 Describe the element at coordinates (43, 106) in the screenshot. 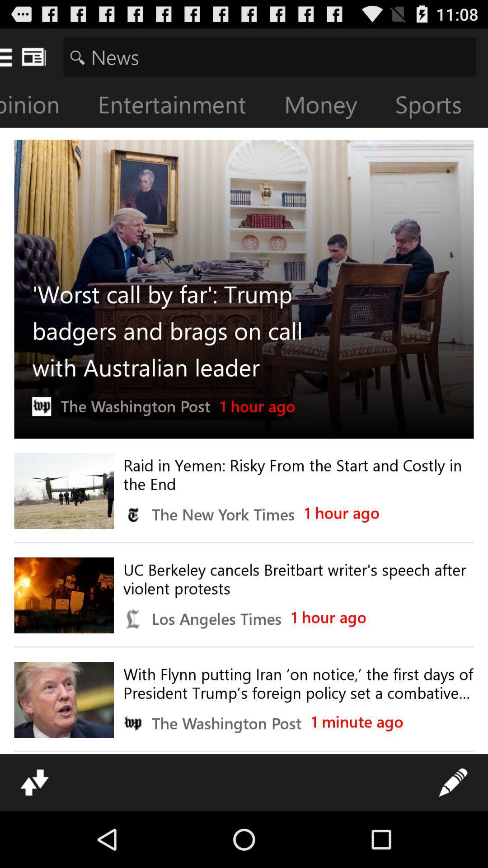

I see `the opinion` at that location.